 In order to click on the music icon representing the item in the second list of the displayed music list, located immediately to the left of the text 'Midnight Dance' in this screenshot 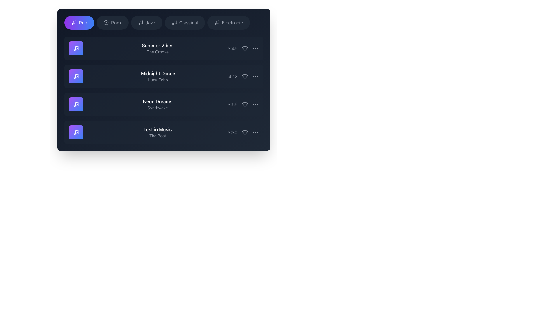, I will do `click(76, 76)`.